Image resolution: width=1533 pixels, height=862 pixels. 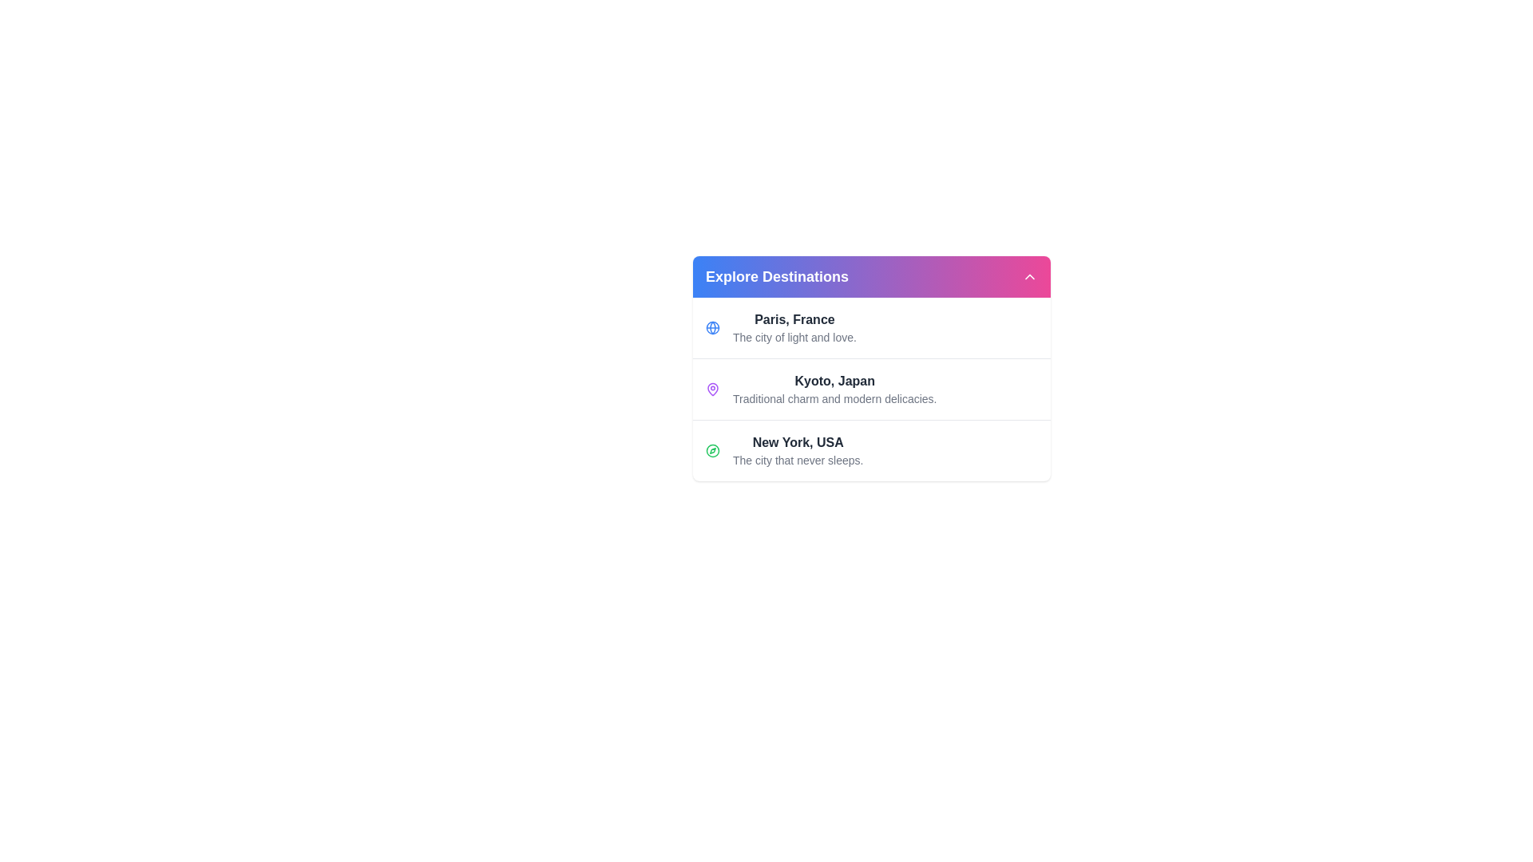 I want to click on the travel destination item in the Composite element that showcases travel destinations, so click(x=870, y=369).